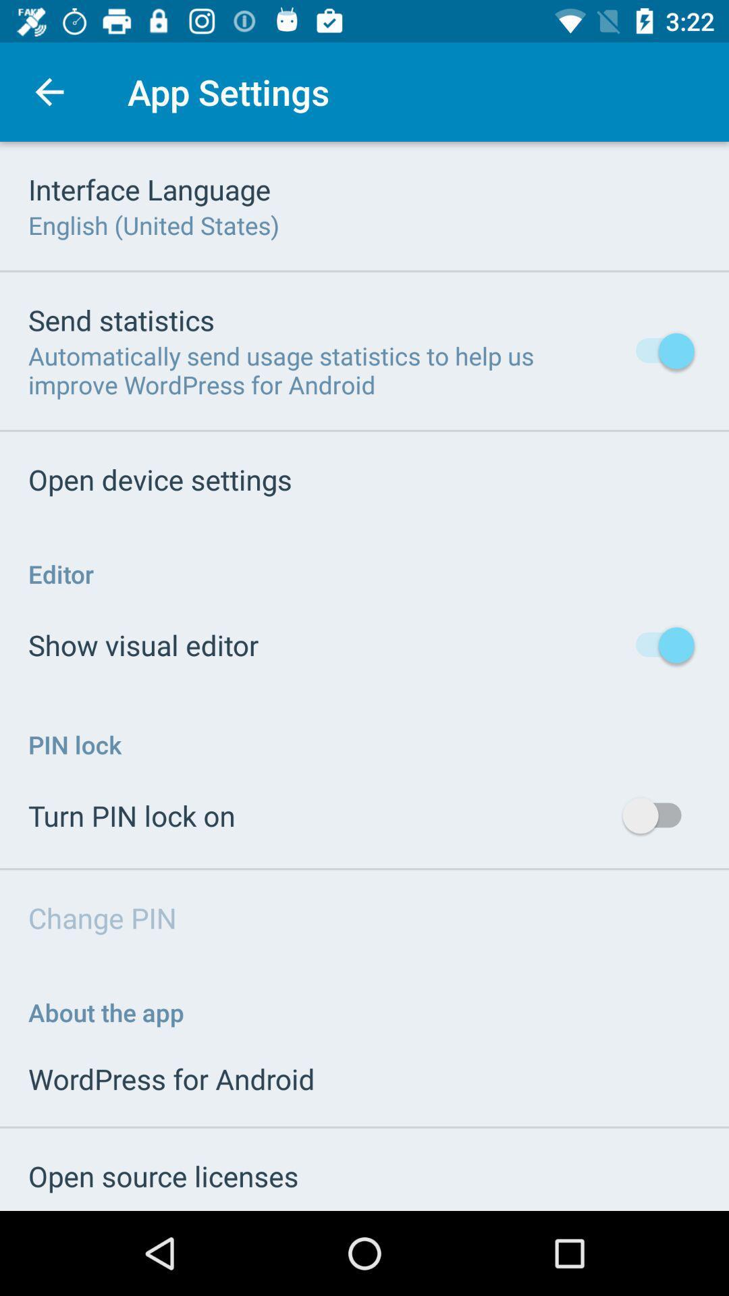  Describe the element at coordinates (105, 1012) in the screenshot. I see `about the app` at that location.